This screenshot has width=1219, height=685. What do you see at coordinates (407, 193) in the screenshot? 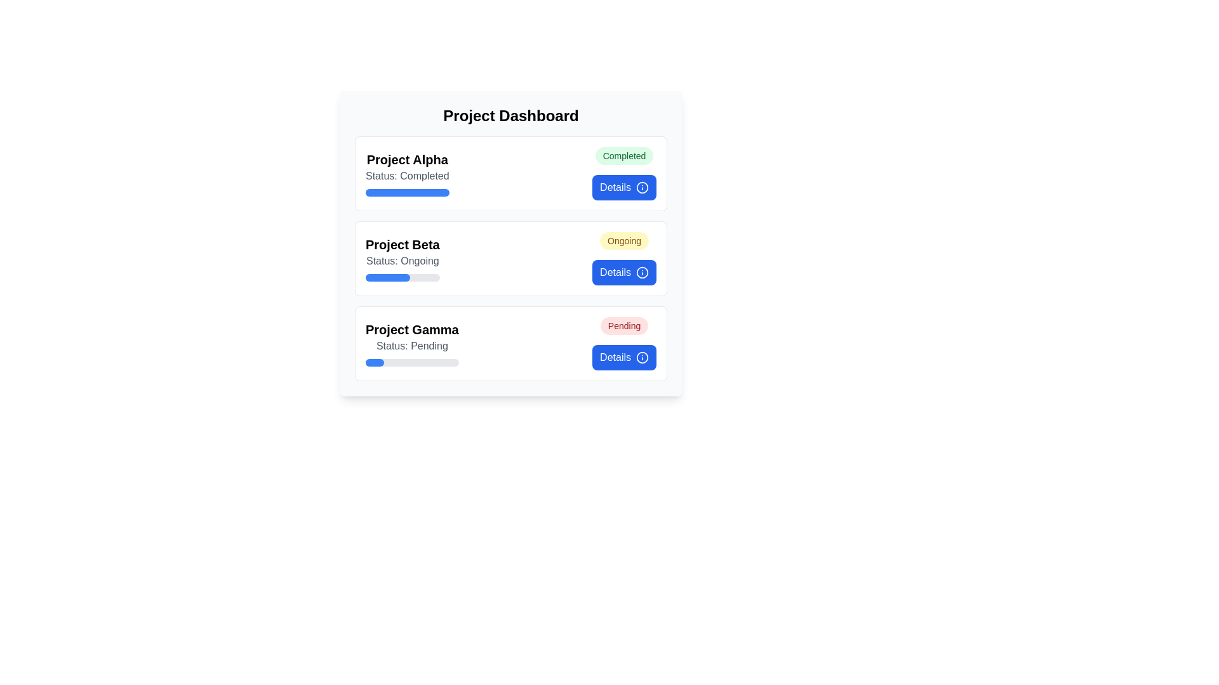
I see `the blue horizontal progress bar located under the text 'Status: Completed' in the 'Project Alpha' card` at bounding box center [407, 193].